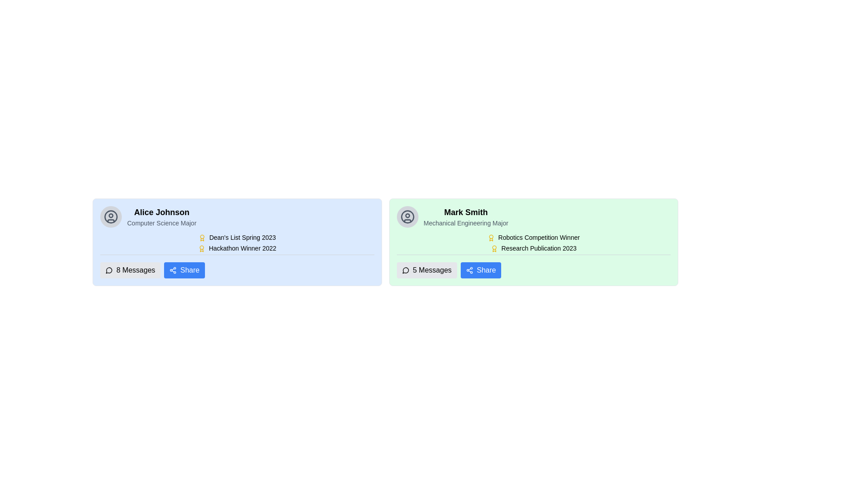 This screenshot has width=863, height=485. What do you see at coordinates (201, 238) in the screenshot?
I see `the accolade icon located to the left of the text 'Dean's List Spring 2023' in Alice Johnson's profile details` at bounding box center [201, 238].